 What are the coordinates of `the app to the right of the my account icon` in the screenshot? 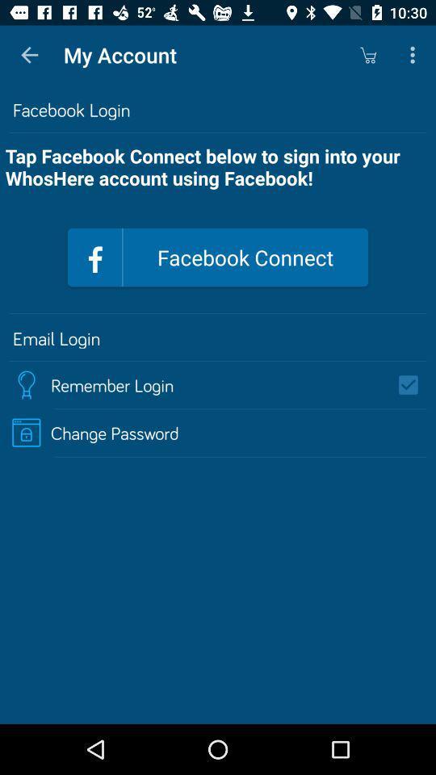 It's located at (367, 55).